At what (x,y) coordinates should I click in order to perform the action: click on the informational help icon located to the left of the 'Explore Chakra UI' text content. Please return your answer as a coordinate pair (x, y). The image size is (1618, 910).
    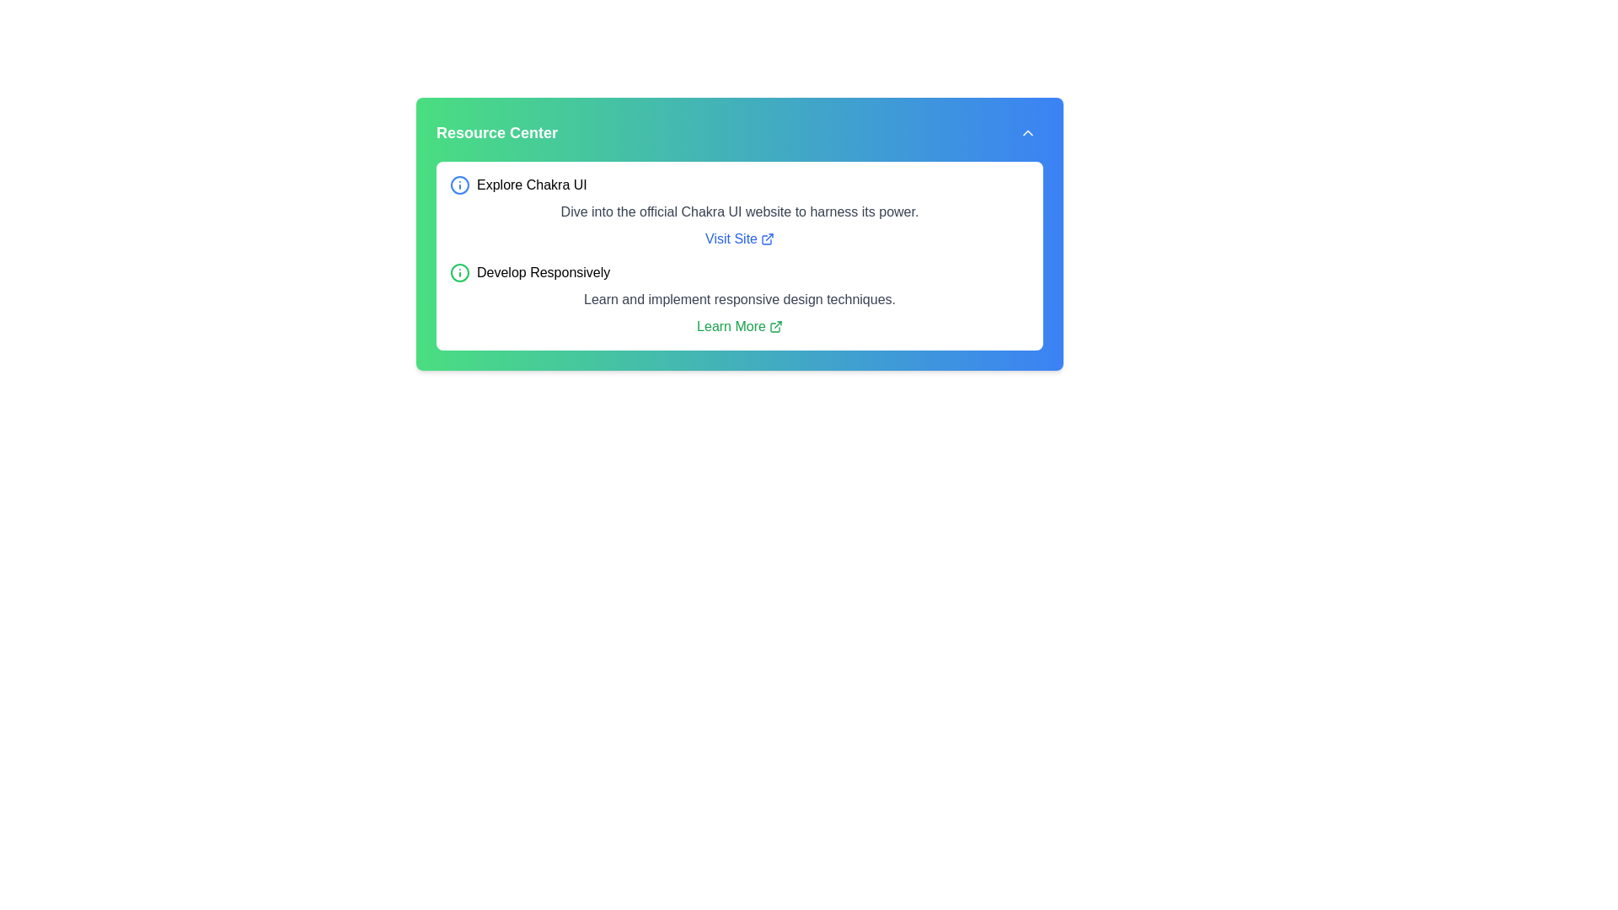
    Looking at the image, I should click on (460, 185).